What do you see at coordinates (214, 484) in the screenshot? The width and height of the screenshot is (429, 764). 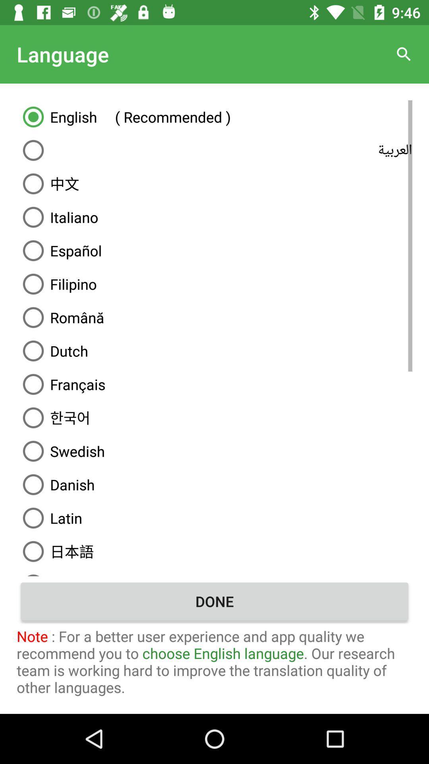 I see `danish item` at bounding box center [214, 484].